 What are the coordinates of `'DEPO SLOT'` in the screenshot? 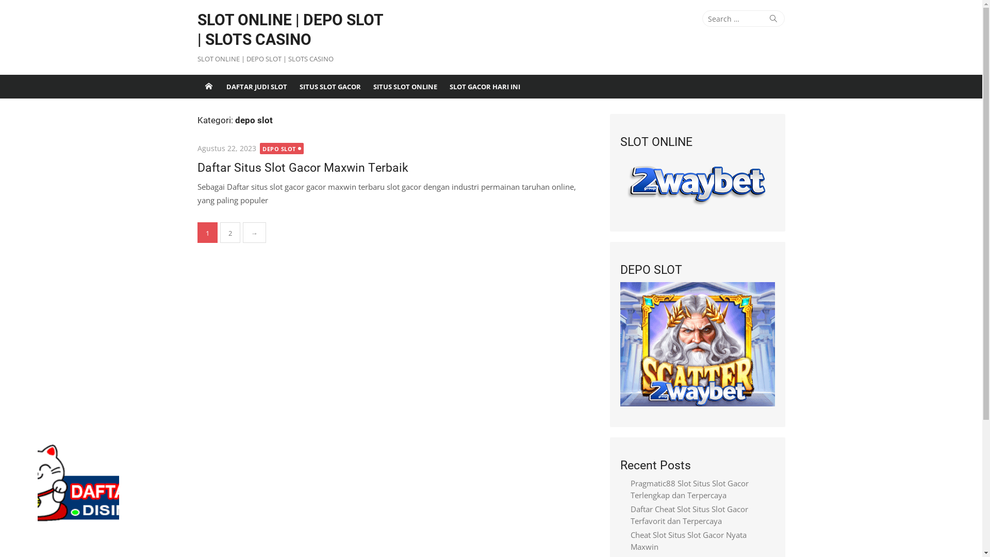 It's located at (282, 149).